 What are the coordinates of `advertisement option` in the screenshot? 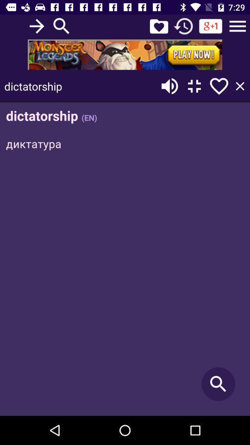 It's located at (125, 54).